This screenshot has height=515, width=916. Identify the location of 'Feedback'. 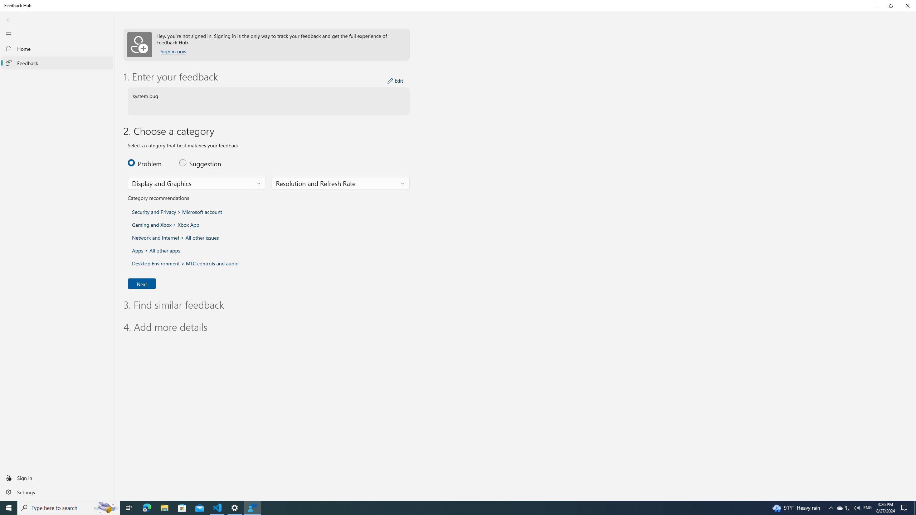
(57, 63).